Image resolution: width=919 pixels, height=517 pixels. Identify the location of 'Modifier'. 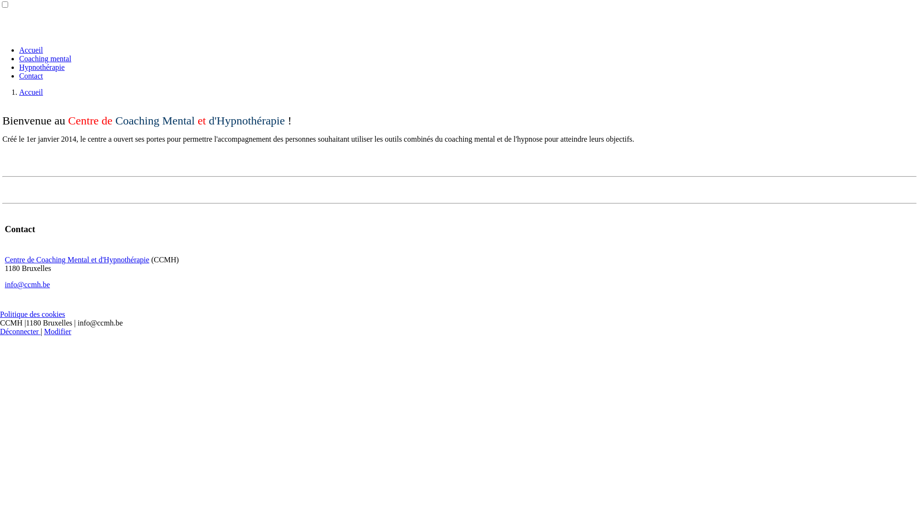
(57, 331).